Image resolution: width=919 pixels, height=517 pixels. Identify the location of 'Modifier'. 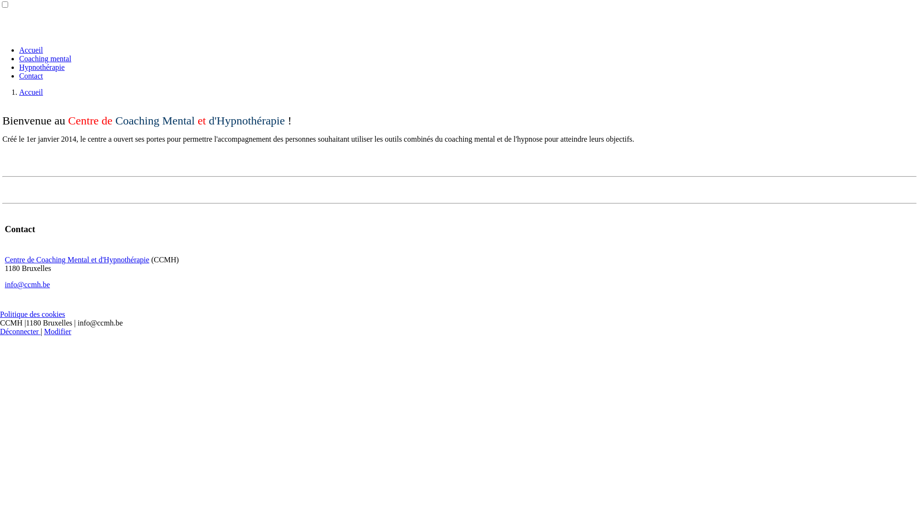
(57, 331).